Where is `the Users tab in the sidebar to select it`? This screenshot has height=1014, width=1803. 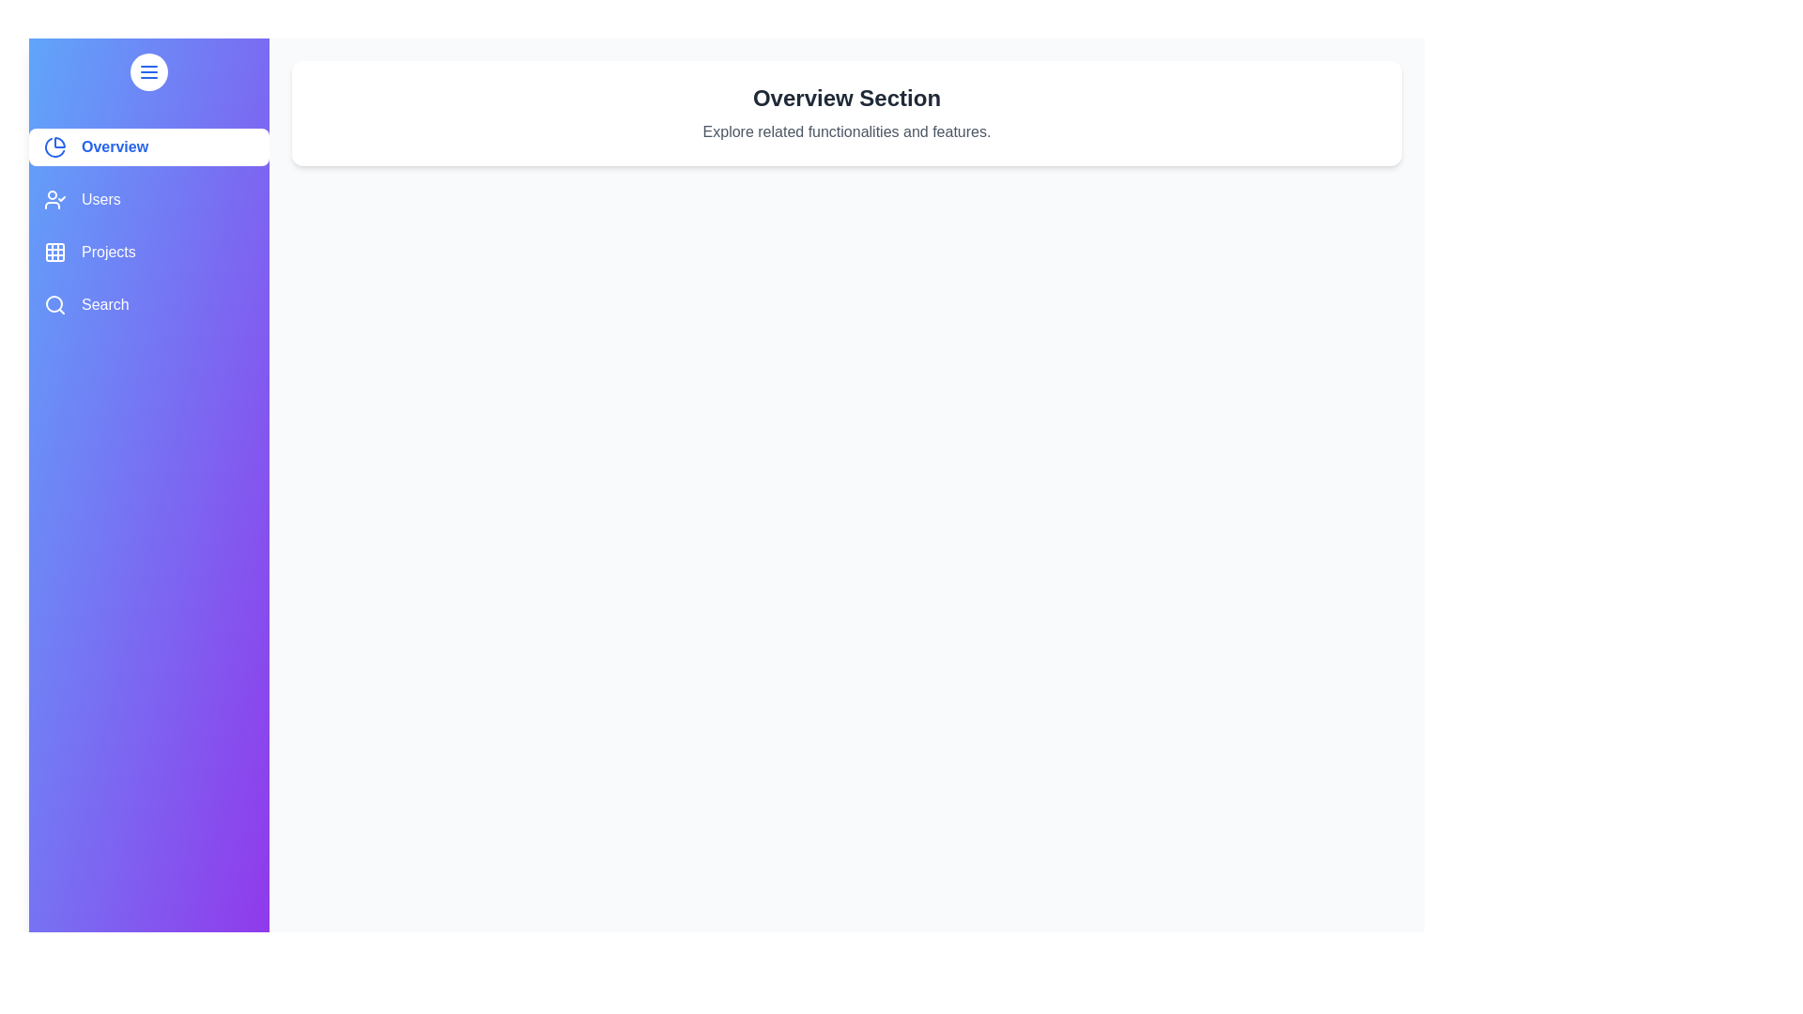 the Users tab in the sidebar to select it is located at coordinates (147, 199).